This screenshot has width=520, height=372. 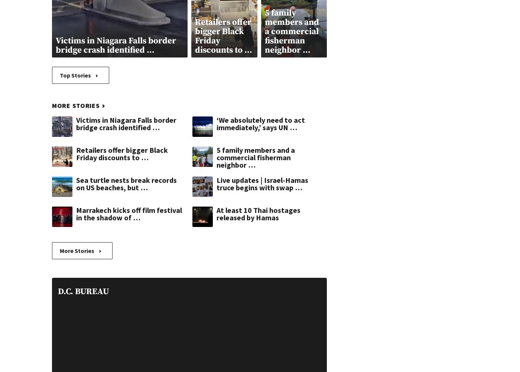 What do you see at coordinates (129, 213) in the screenshot?
I see `'Marrakech kicks off film festival in the shadow of …'` at bounding box center [129, 213].